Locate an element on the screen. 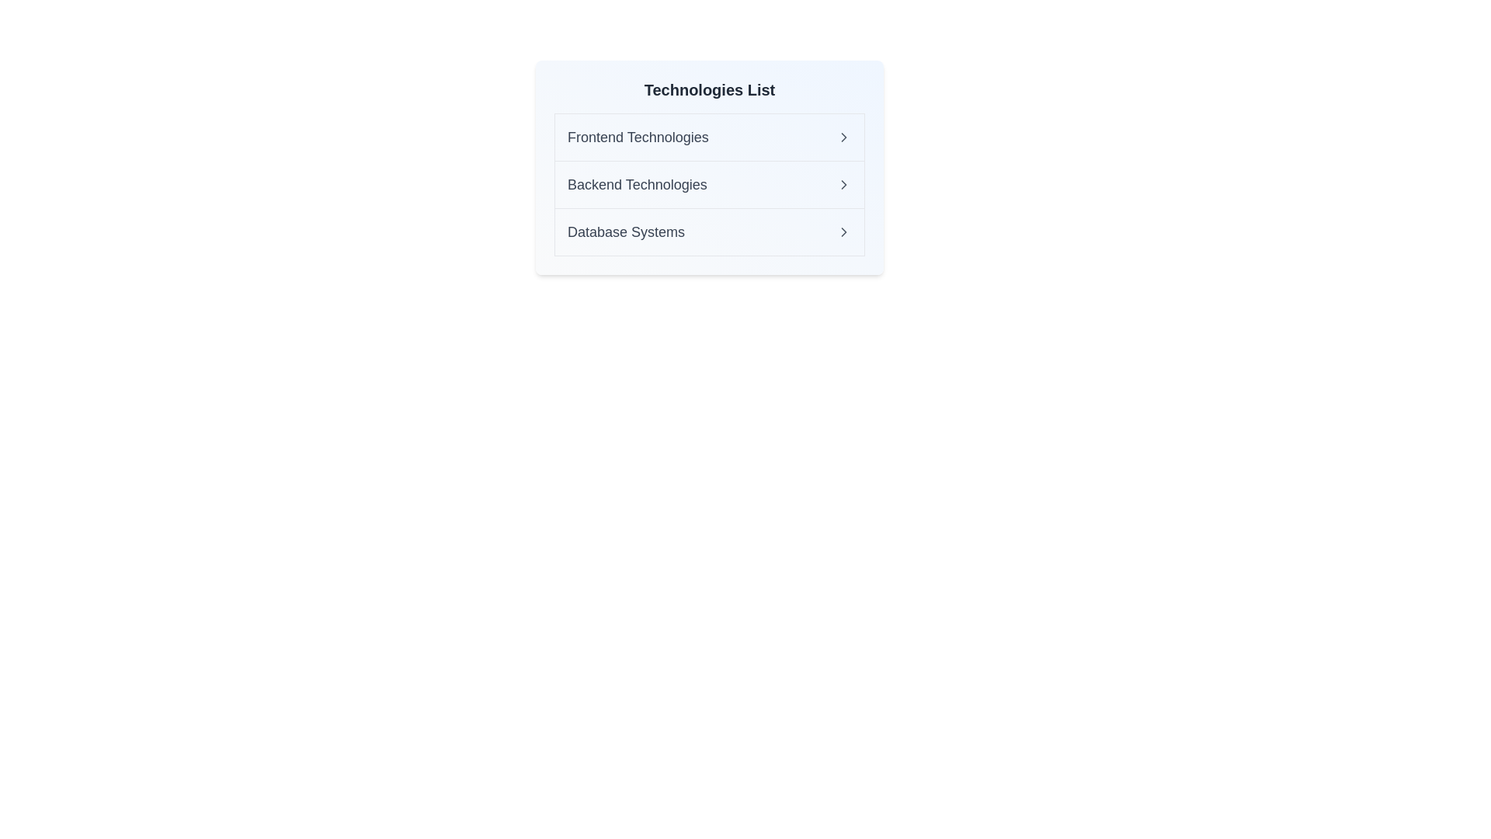 The image size is (1491, 839). the details text of the expanded item Frontend Technologies is located at coordinates (637, 137).